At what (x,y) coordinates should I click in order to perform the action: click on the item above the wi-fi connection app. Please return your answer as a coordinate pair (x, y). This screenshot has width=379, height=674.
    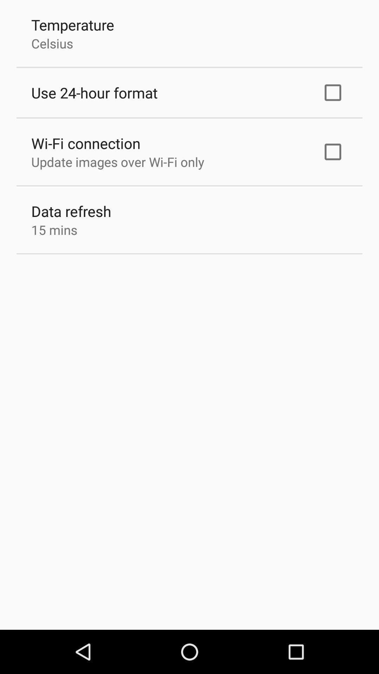
    Looking at the image, I should click on (94, 92).